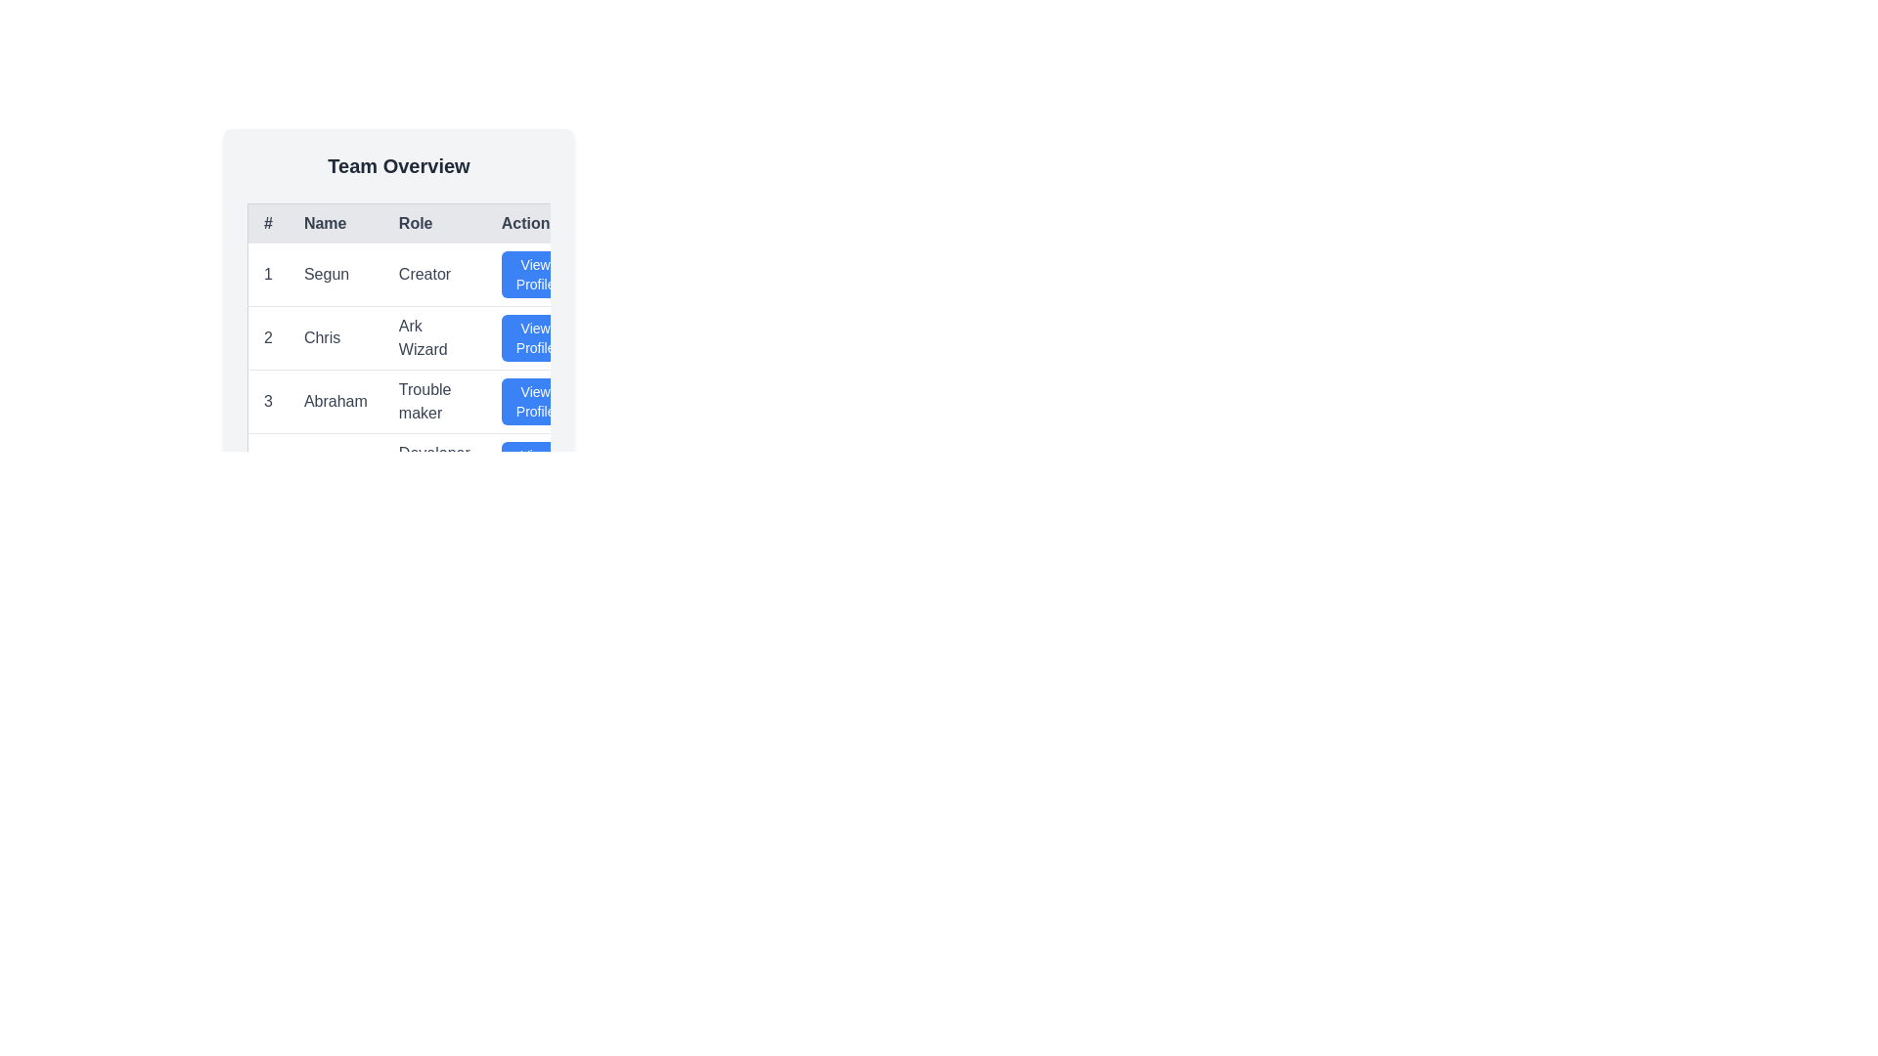 Image resolution: width=1878 pixels, height=1056 pixels. What do you see at coordinates (425, 222) in the screenshot?
I see `the table header row that contains the cells labeled '#', 'Name', 'Role', and 'Actions', which has a light gray background and bold dark text, positioned directly beneath the 'Team Overview' title` at bounding box center [425, 222].